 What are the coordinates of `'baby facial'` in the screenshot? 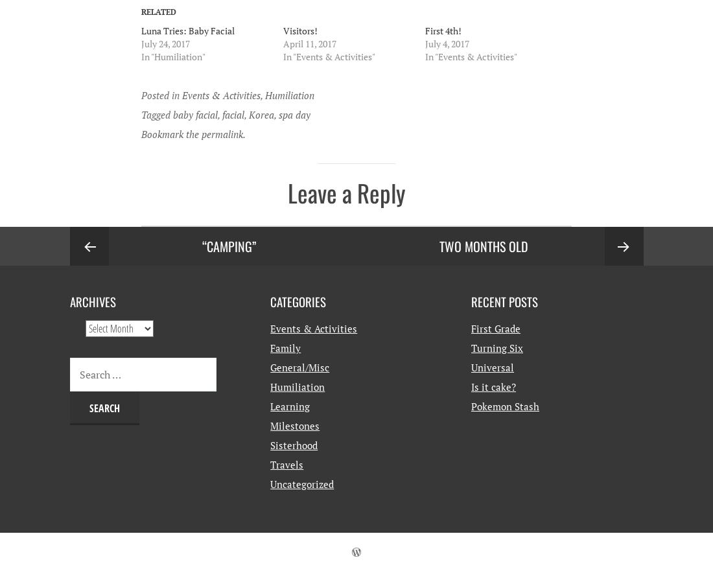 It's located at (194, 114).